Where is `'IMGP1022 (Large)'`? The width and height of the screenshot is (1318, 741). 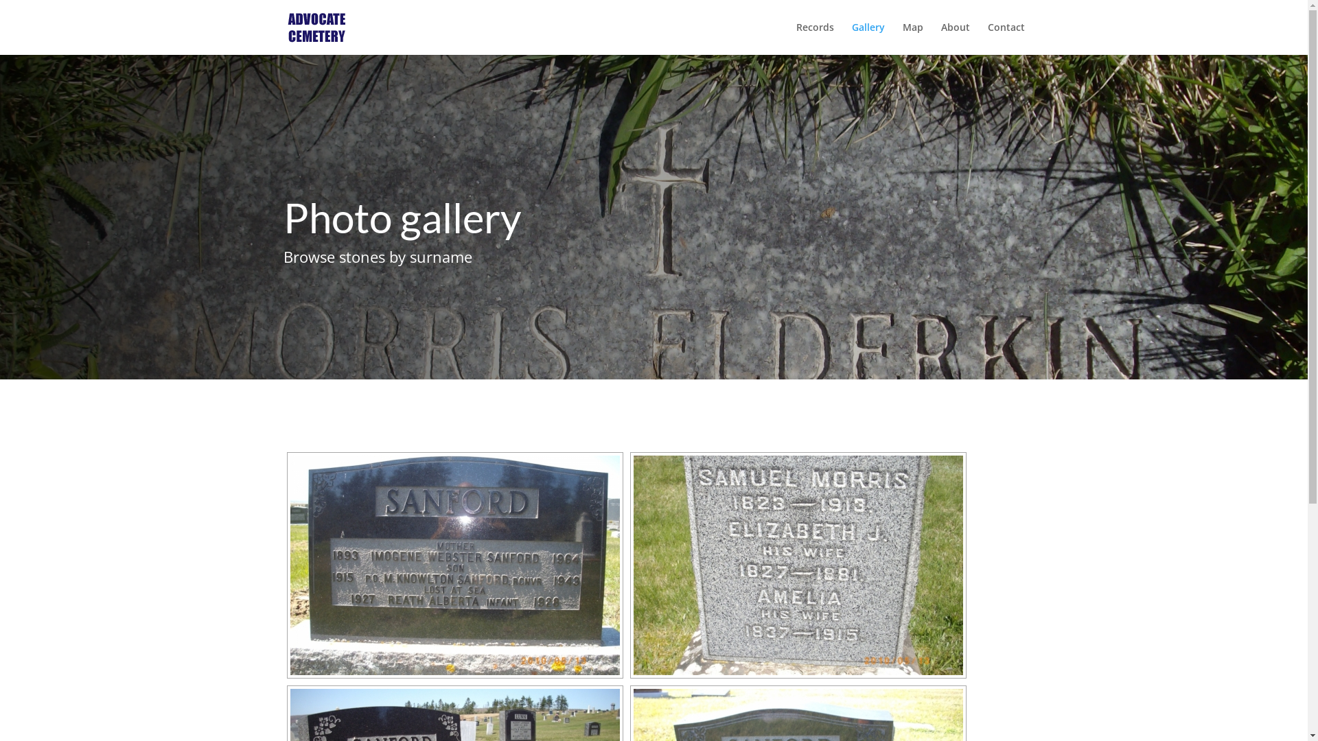
'IMGP1022 (Large)' is located at coordinates (797, 565).